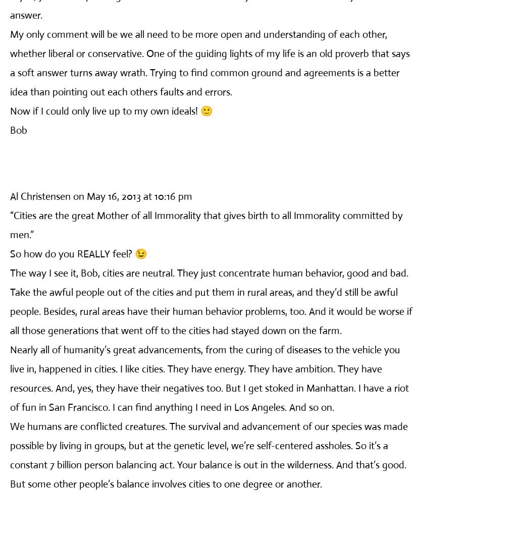 The width and height of the screenshot is (530, 542). I want to click on '“Cities are the great Mother of all Immorality that gives birth to all Immorality committed by men.”', so click(206, 224).